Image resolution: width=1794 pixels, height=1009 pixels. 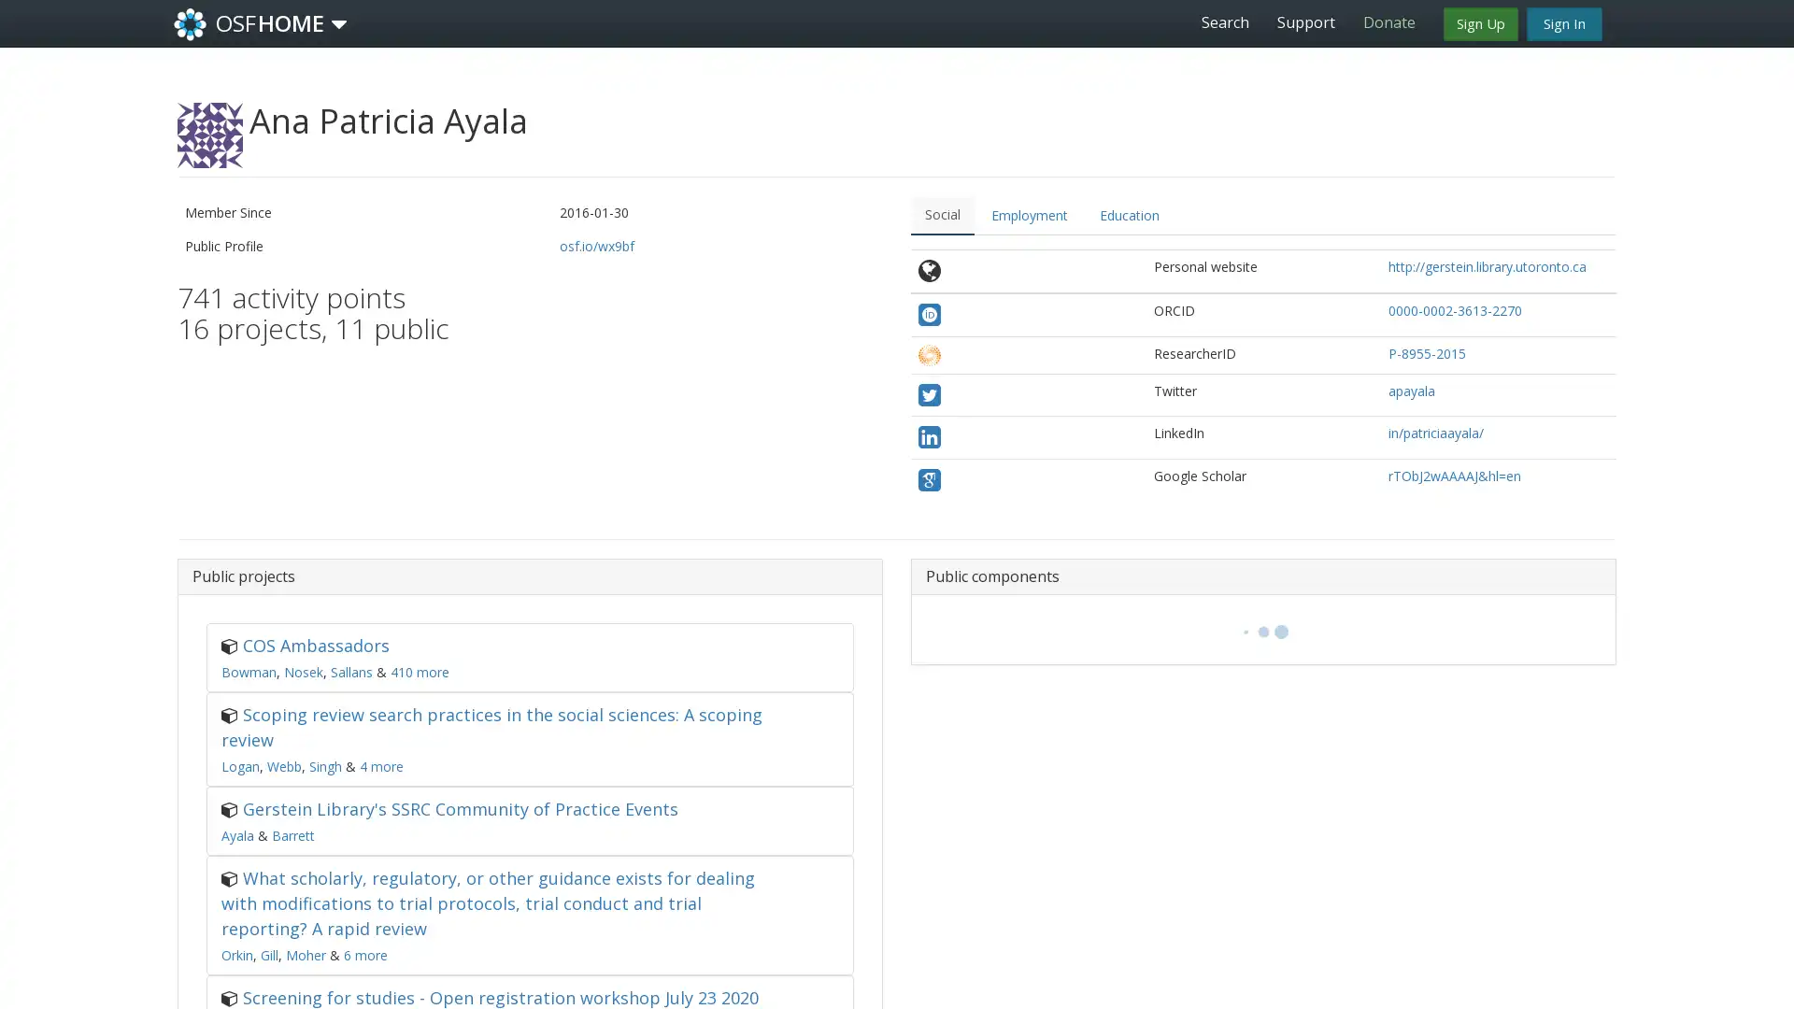 I want to click on Toggle primary navigation, so click(x=339, y=24).